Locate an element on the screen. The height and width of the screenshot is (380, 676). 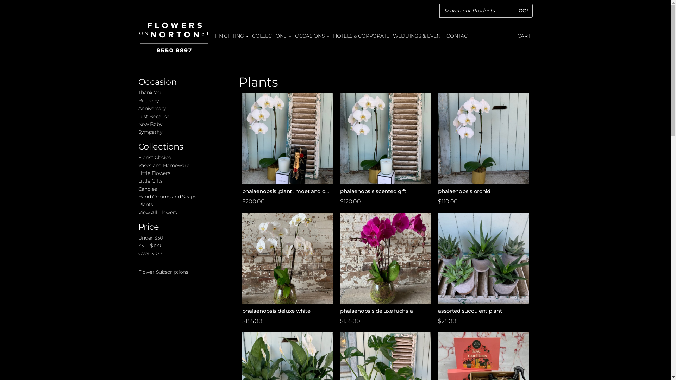
'Phalaenopsis Deluxe White' is located at coordinates (287, 258).